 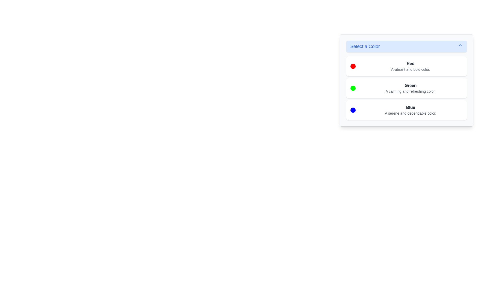 I want to click on the 'Green' color option in the selectable list item, so click(x=406, y=88).